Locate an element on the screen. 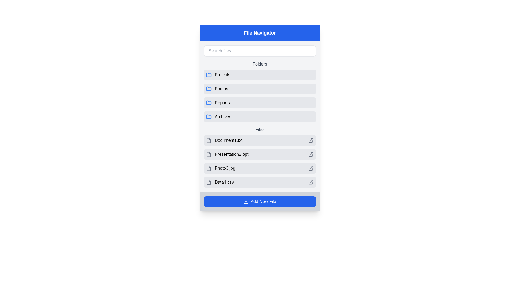  the external link icon located on the far right of the 'Data4.csv' file entry in the 'Files' section of the interface is located at coordinates (311, 181).